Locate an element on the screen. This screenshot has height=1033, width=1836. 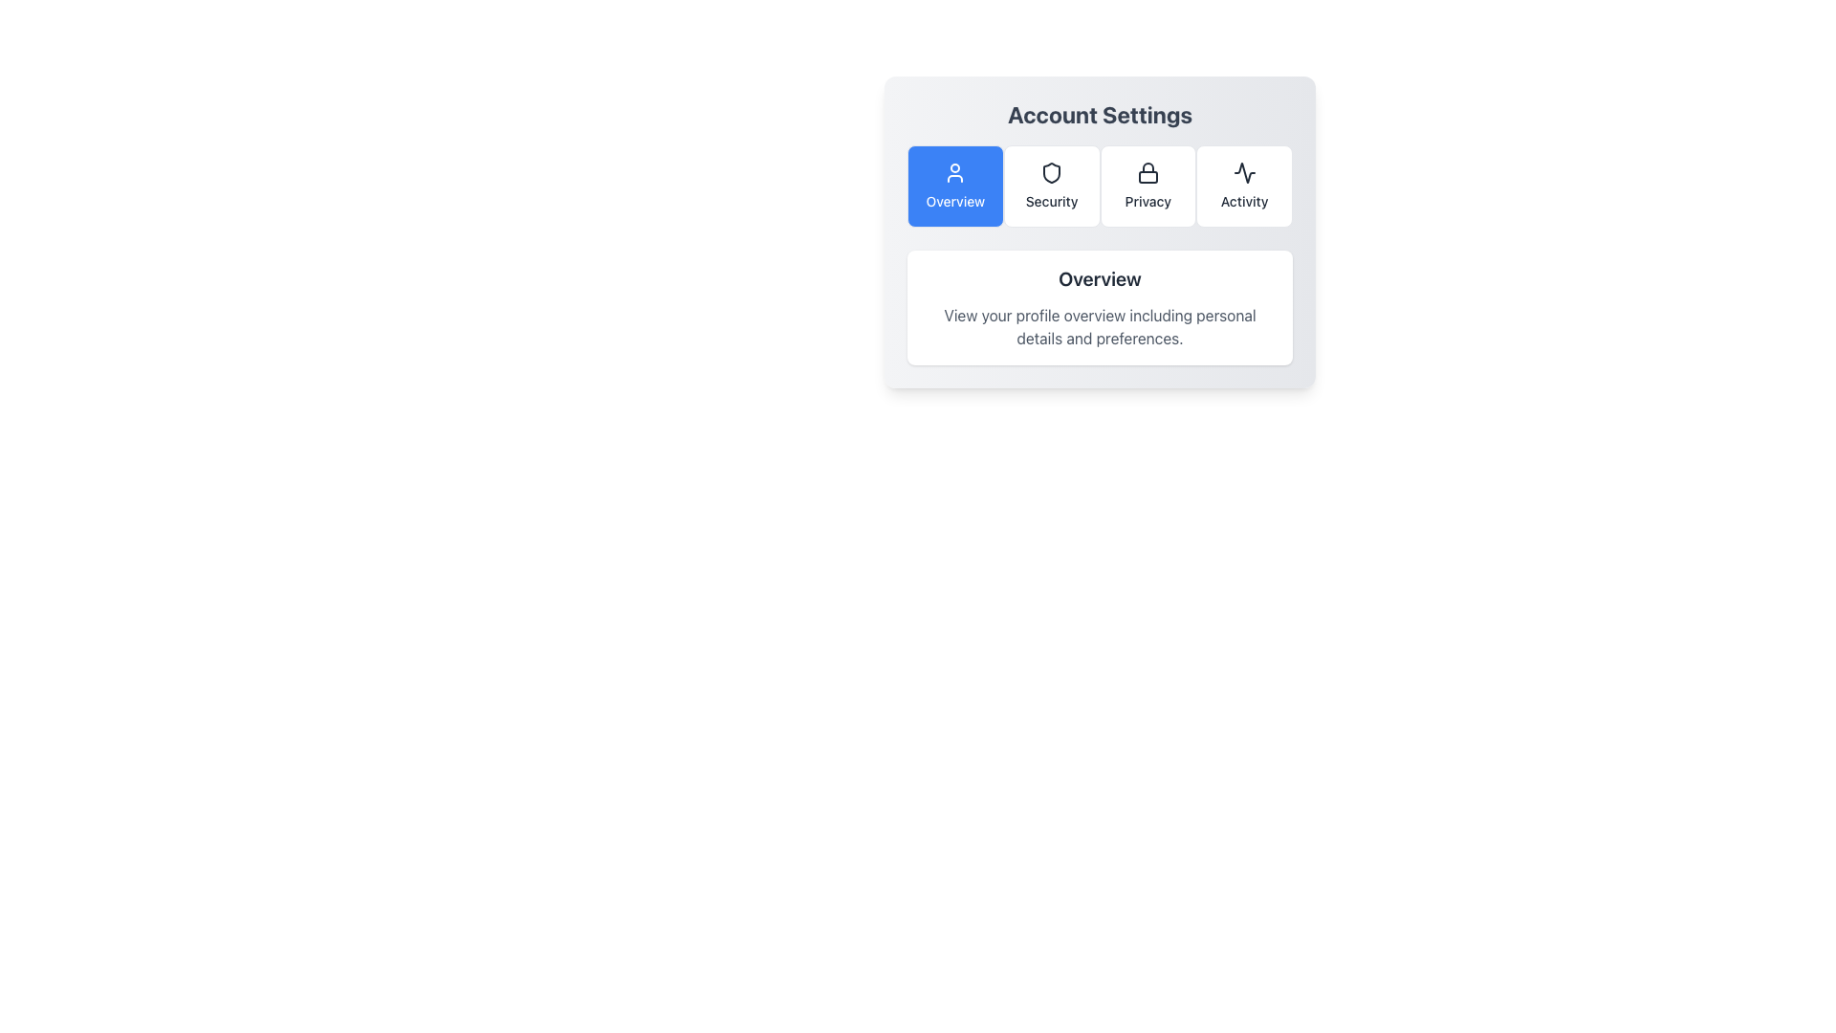
the second button in the grid of four buttons that triggers actions related to 'Security' is located at coordinates (1051, 187).